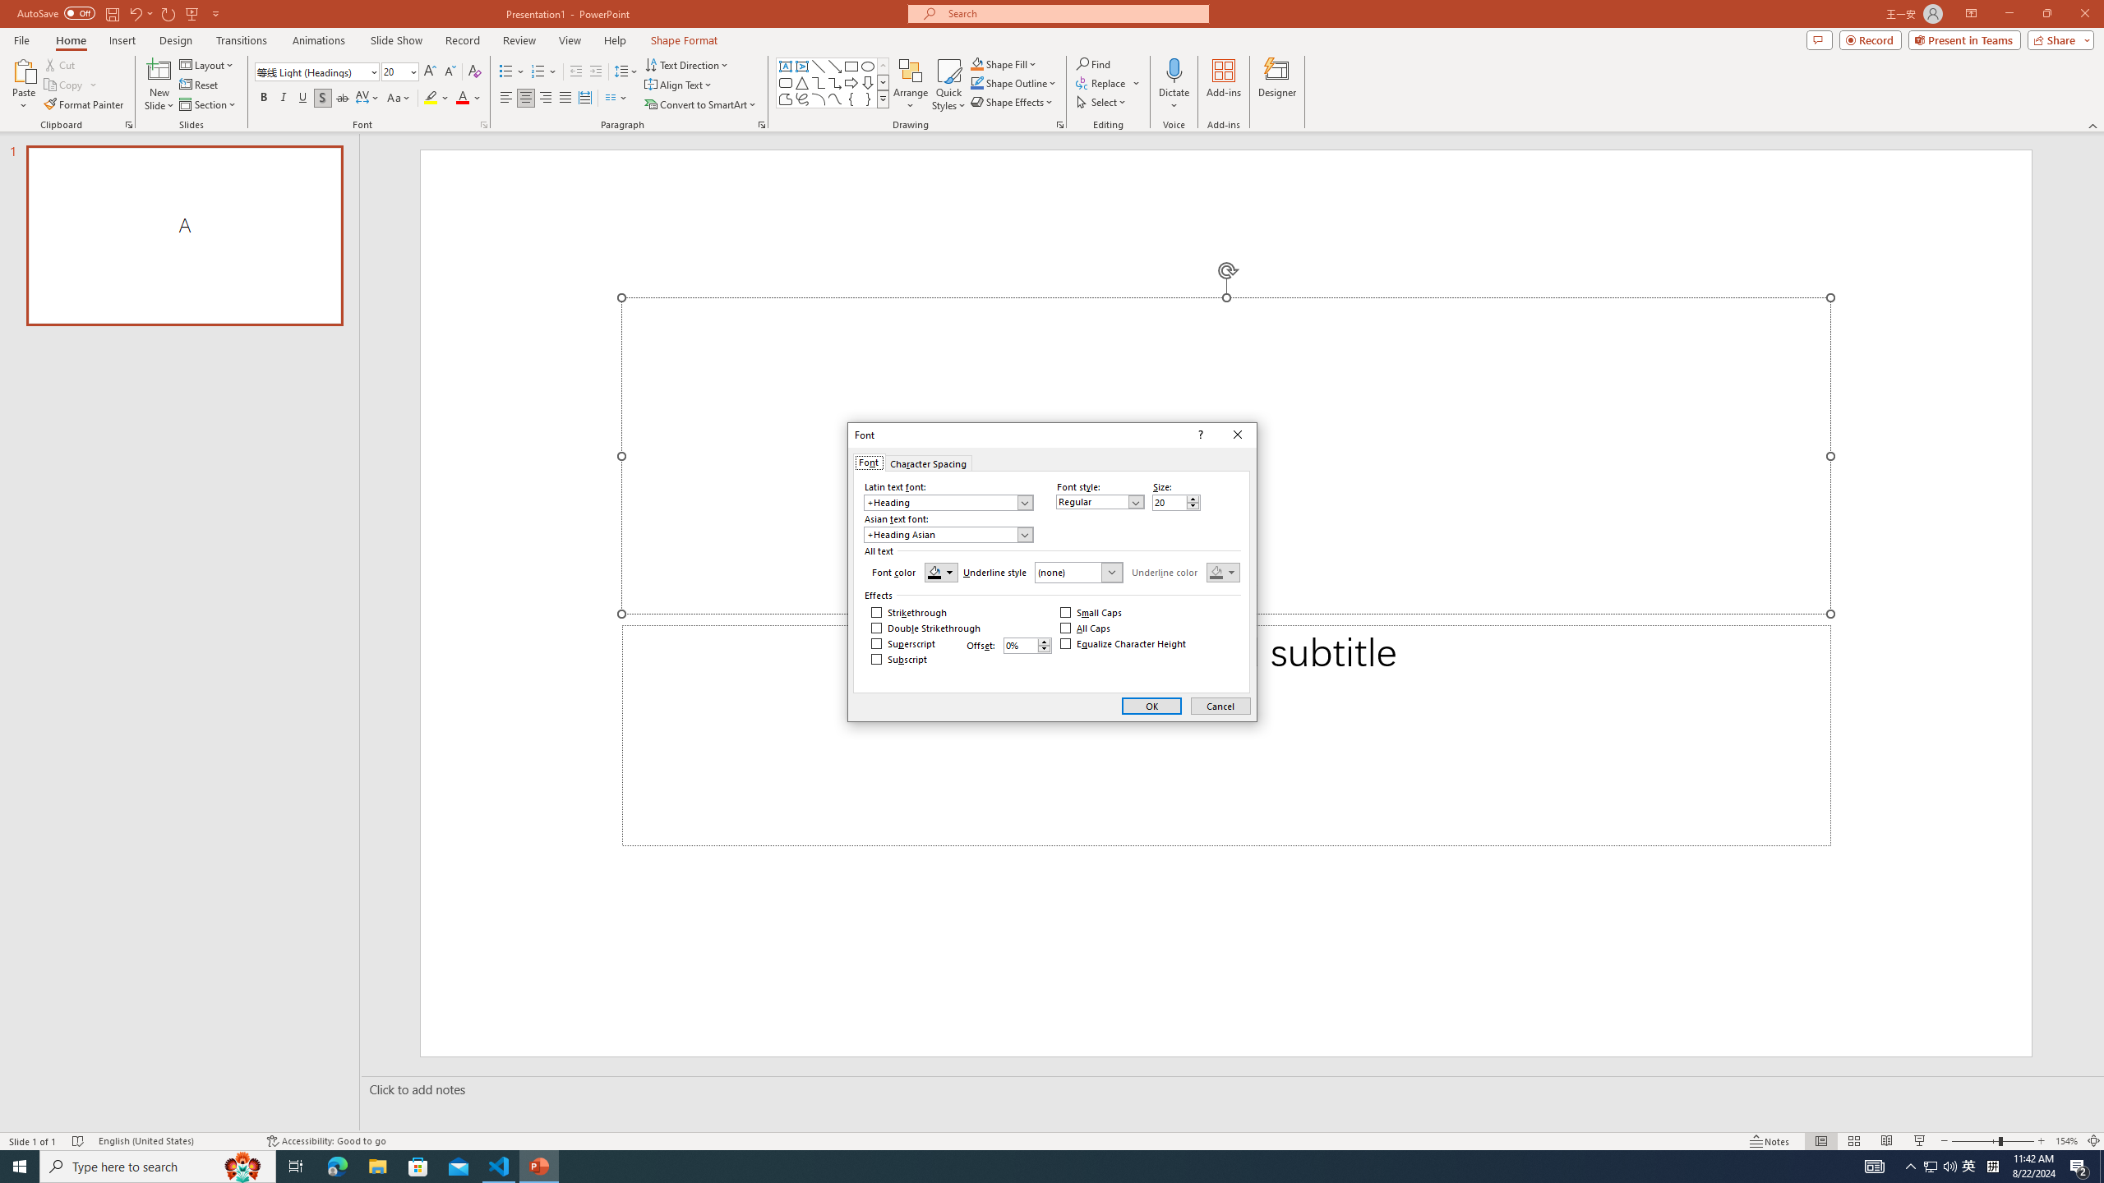 The image size is (2104, 1183). I want to click on 'Underline color', so click(1222, 572).